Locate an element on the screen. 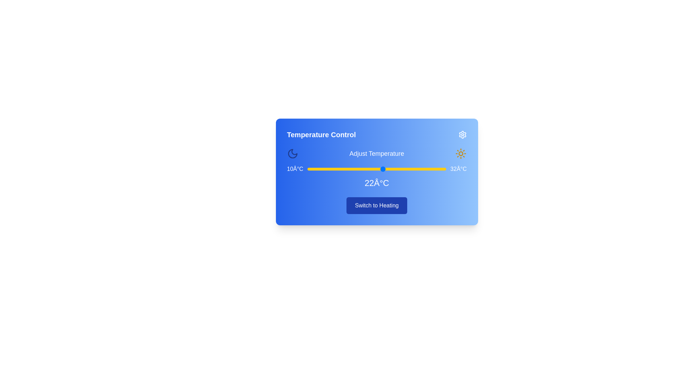 The width and height of the screenshot is (674, 379). the temperature to 15°C by sliding the temperature slider is located at coordinates (339, 169).